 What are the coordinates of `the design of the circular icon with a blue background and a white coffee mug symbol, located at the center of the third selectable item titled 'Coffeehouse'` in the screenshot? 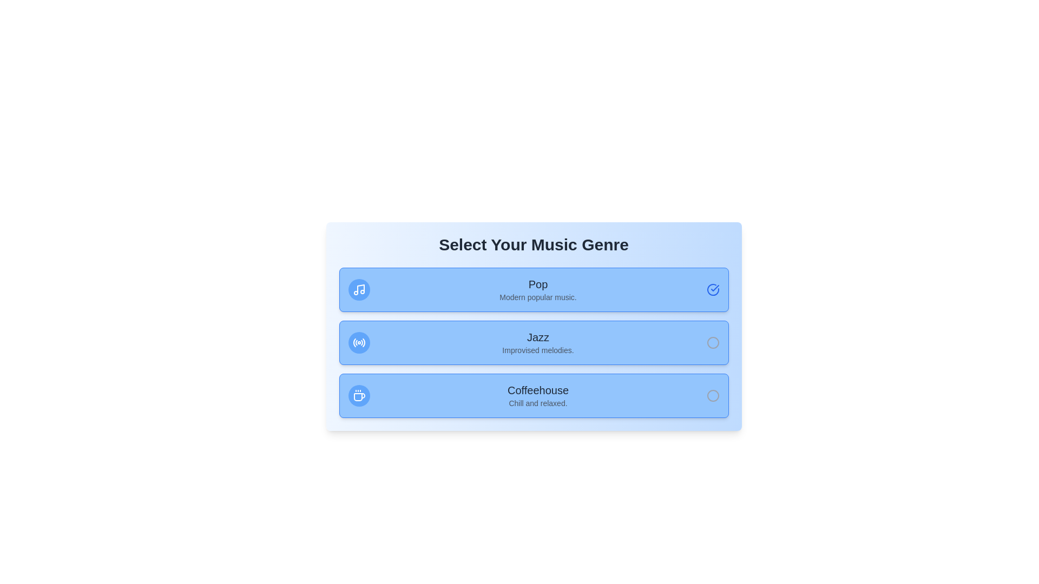 It's located at (359, 396).